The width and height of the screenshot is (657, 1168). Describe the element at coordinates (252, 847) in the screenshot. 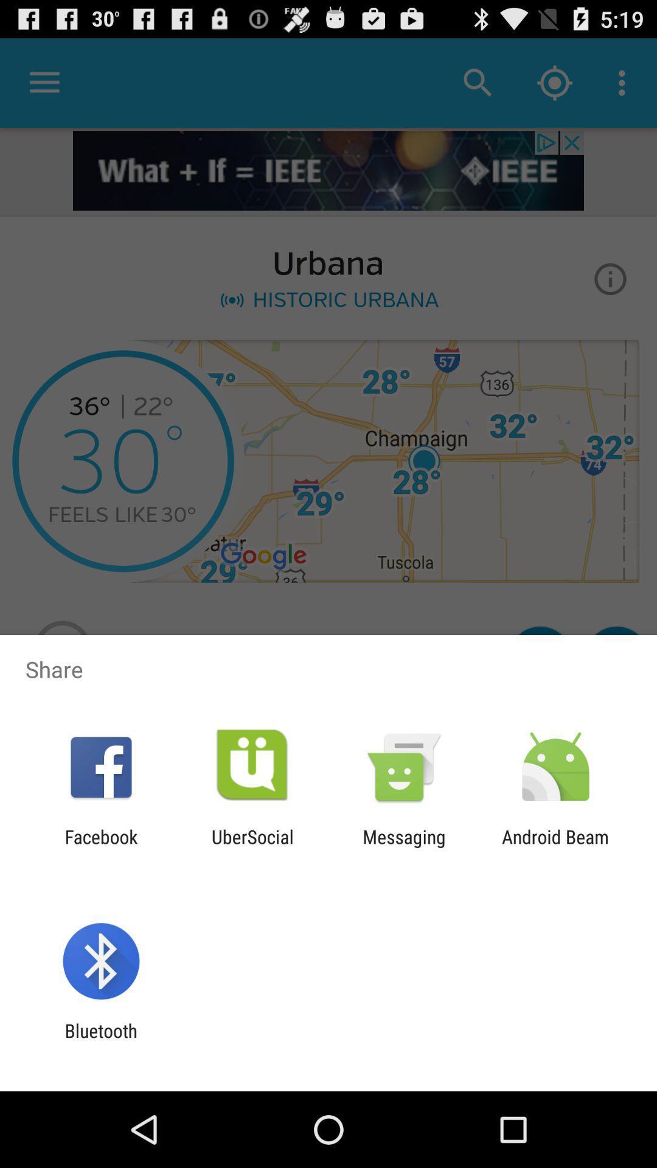

I see `icon to the right of the facebook icon` at that location.